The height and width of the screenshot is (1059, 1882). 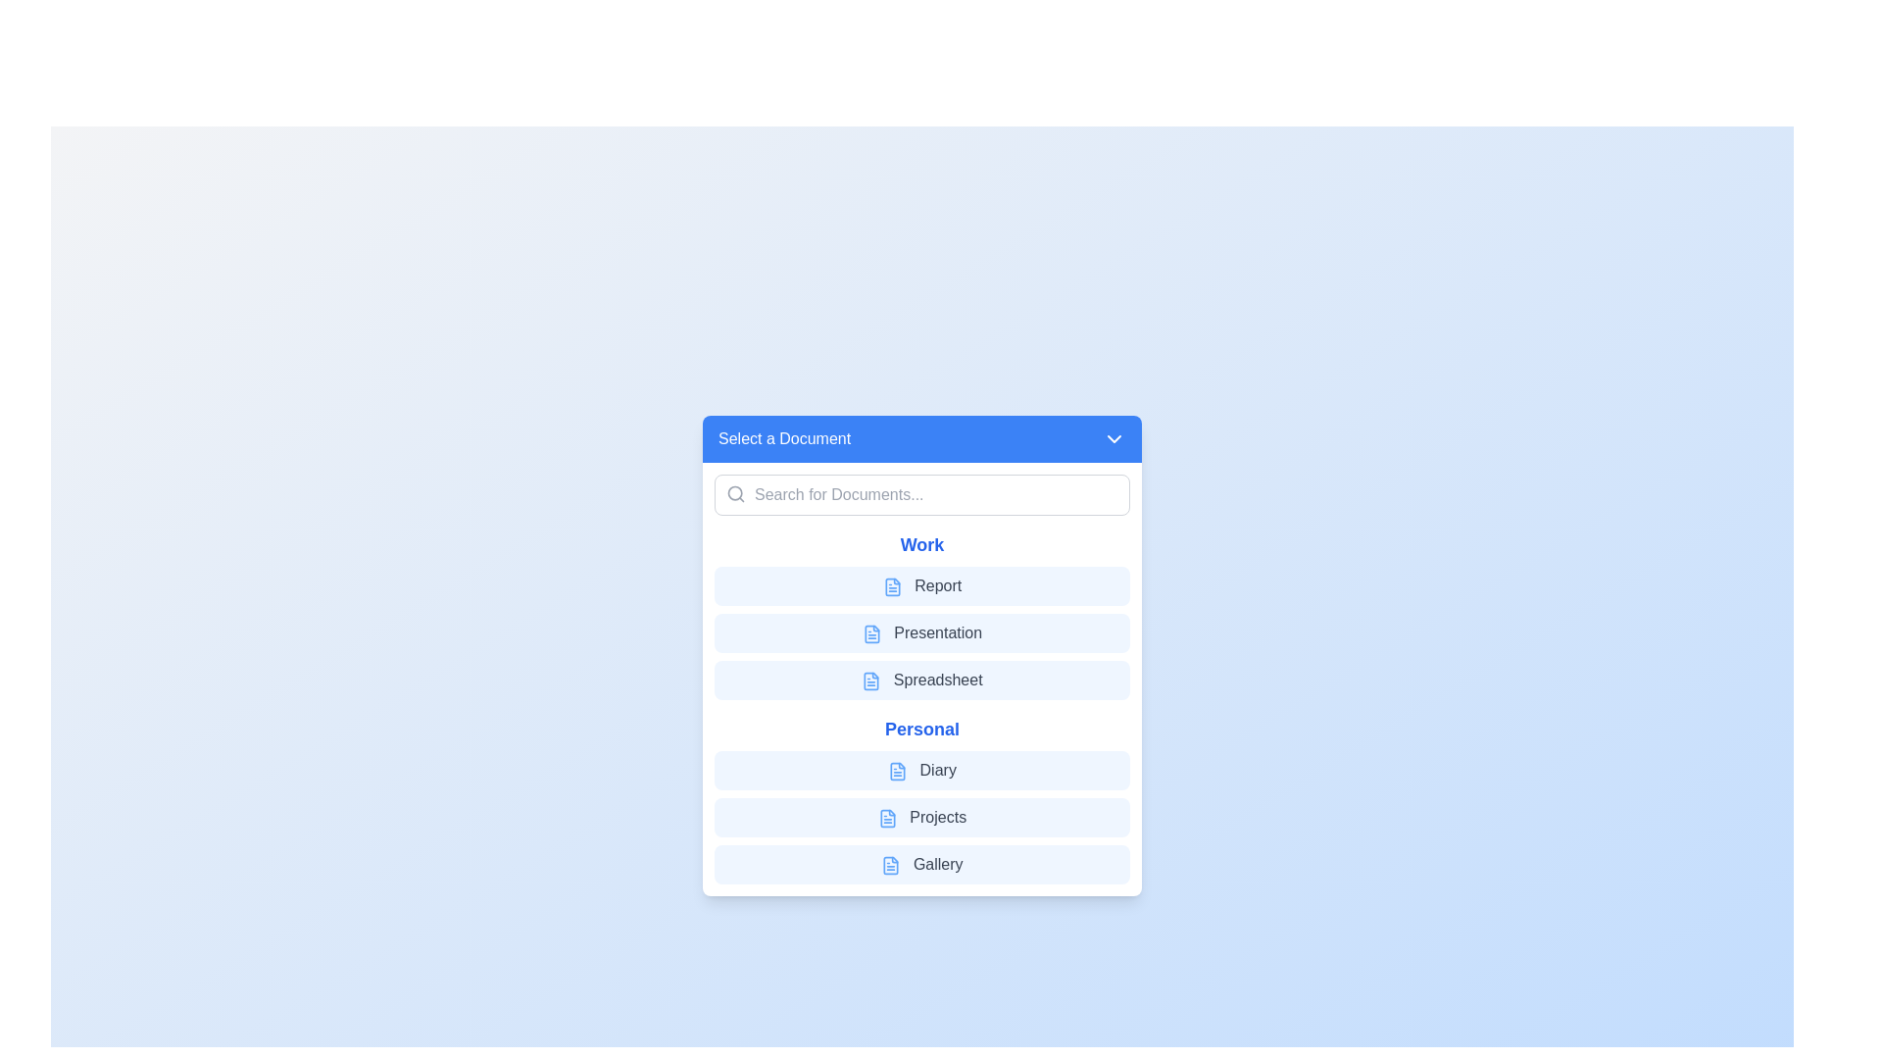 I want to click on the search icon located to the left inside the rectangular input field labeled 'Search for Documents...', positioned near the middle vertically, so click(x=734, y=493).